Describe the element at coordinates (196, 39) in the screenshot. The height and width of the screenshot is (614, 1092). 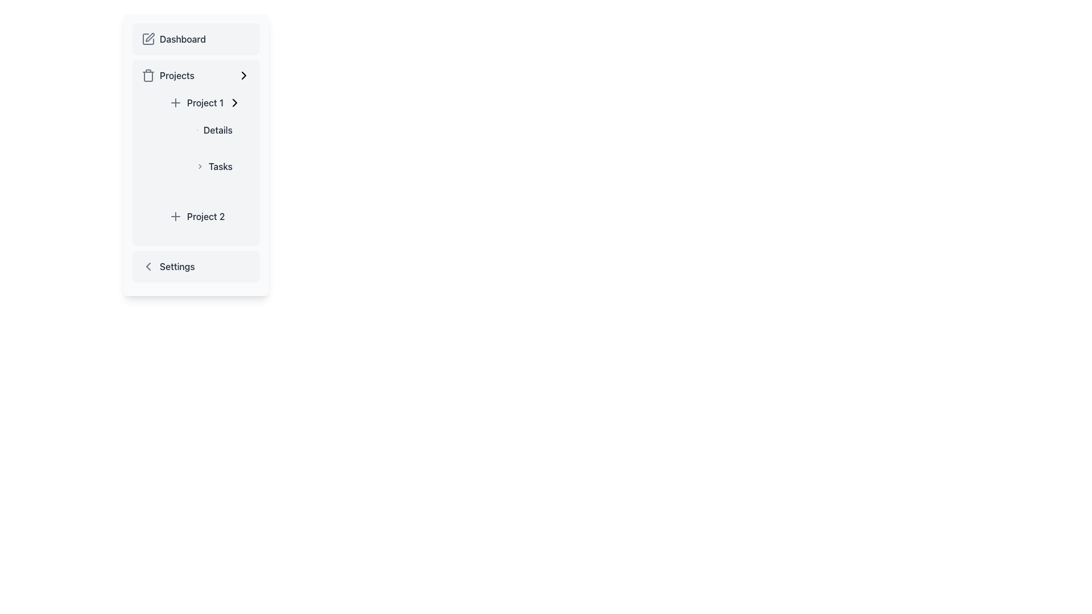
I see `the 'Dashboard' text label with pen icon located at the top of the sidebar menu, which has a light gray background and rounded corners` at that location.